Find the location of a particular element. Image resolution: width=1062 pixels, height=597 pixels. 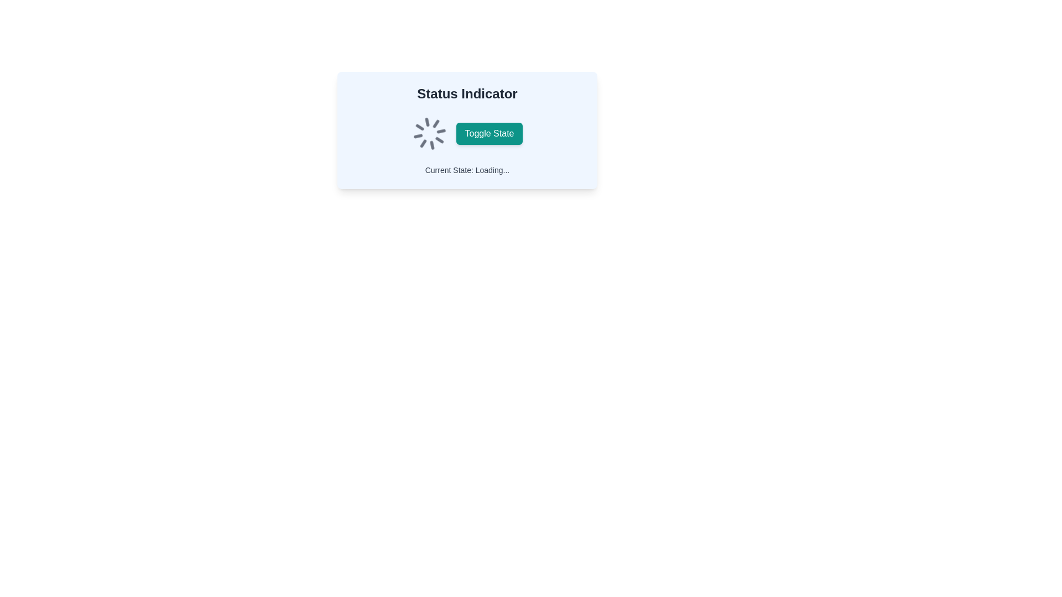

the 'Toggle State' label which is located in the 'Status Indicator' section of the interface, visually aligned with an animated spinner icon is located at coordinates (467, 133).